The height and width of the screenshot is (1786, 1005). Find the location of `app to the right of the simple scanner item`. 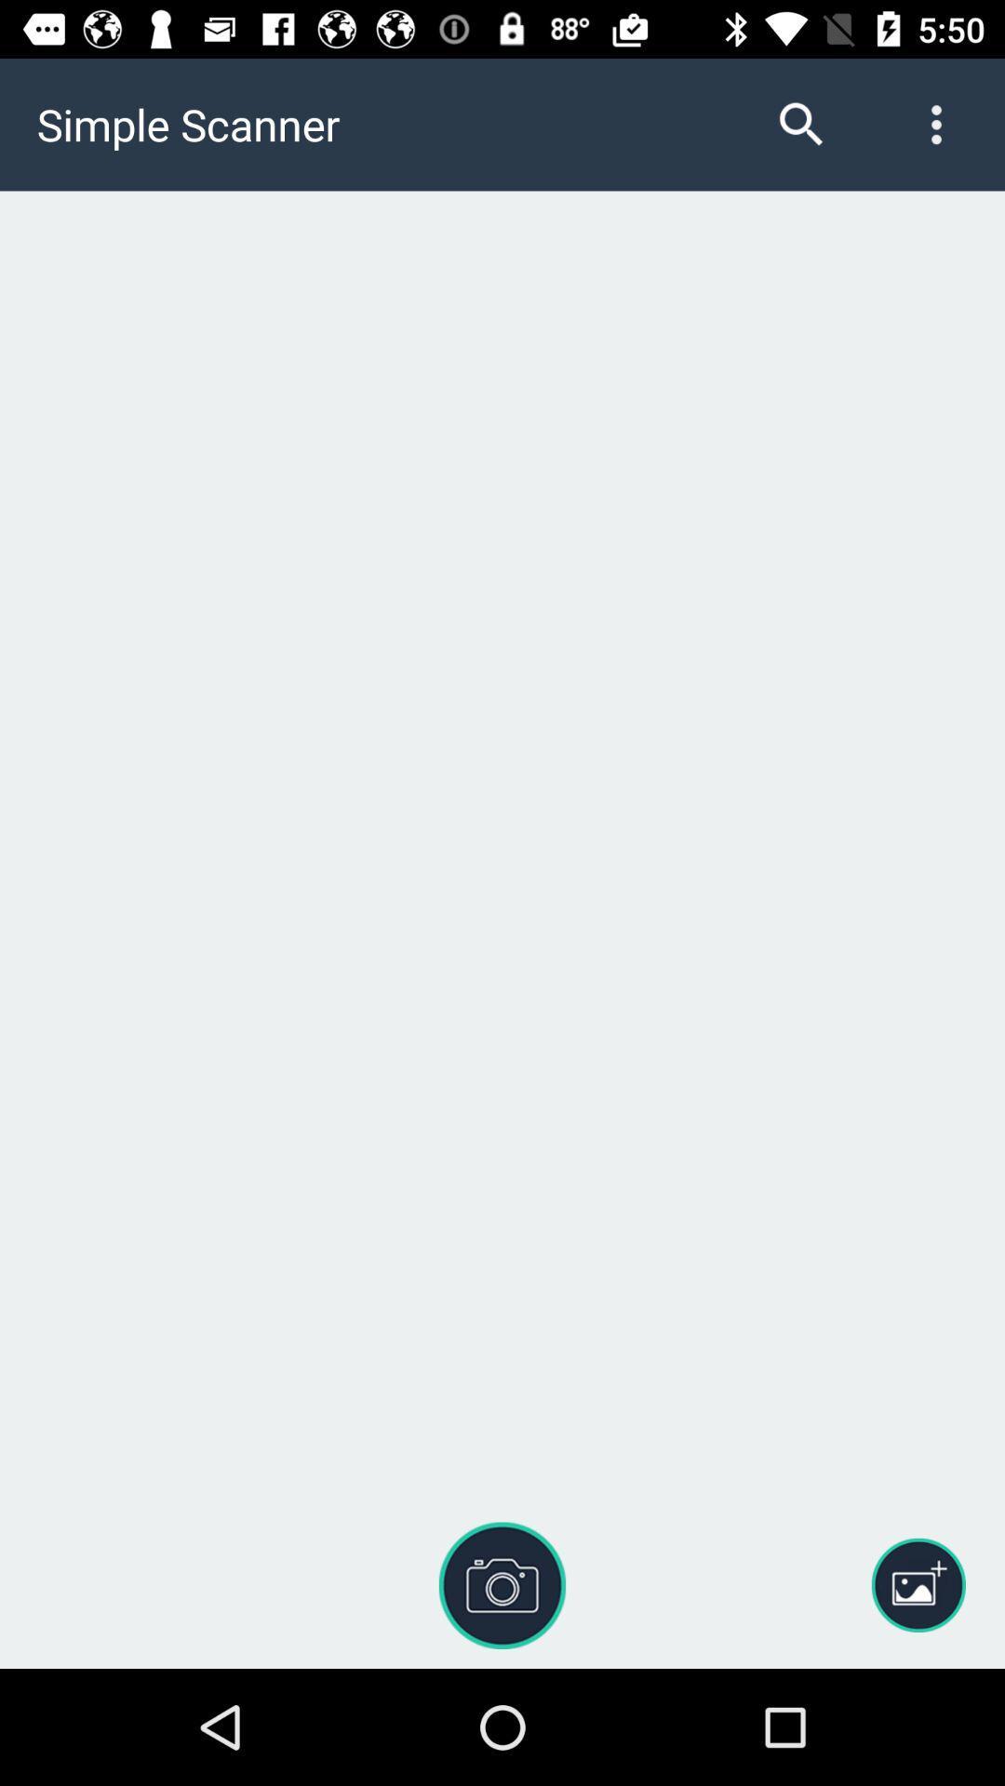

app to the right of the simple scanner item is located at coordinates (800, 124).